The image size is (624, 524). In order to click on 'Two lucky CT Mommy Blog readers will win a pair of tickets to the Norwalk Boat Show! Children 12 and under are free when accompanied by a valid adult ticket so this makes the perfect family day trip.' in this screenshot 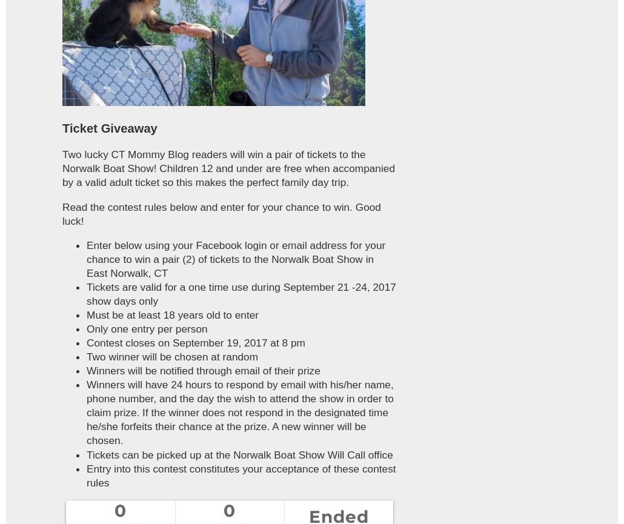, I will do `click(62, 168)`.